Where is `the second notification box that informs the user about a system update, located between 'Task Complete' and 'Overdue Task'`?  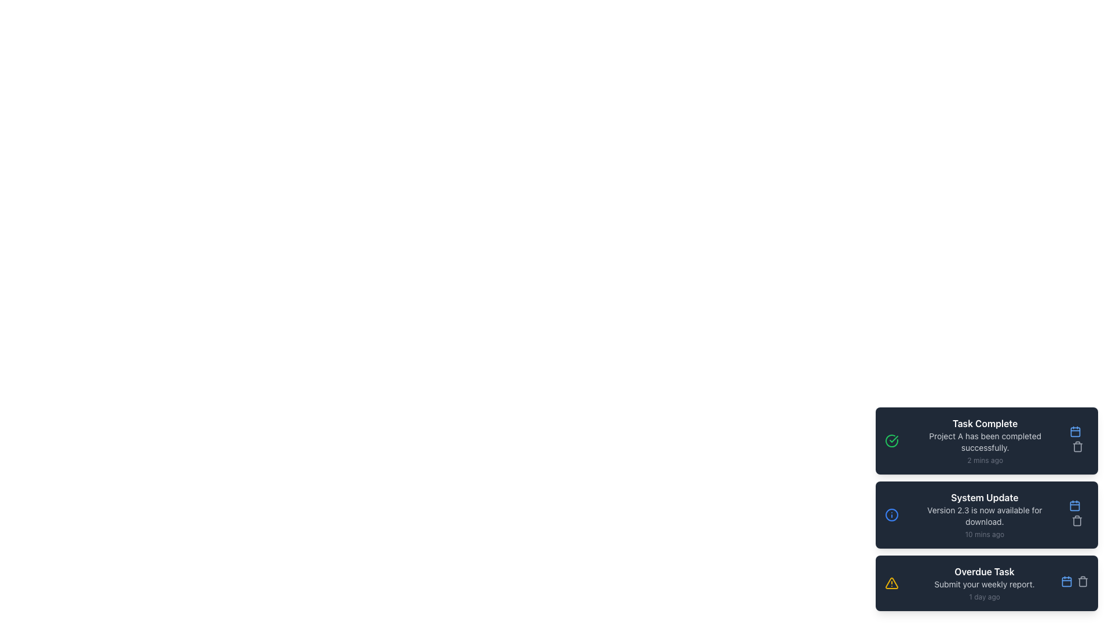 the second notification box that informs the user about a system update, located between 'Task Complete' and 'Overdue Task' is located at coordinates (984, 514).